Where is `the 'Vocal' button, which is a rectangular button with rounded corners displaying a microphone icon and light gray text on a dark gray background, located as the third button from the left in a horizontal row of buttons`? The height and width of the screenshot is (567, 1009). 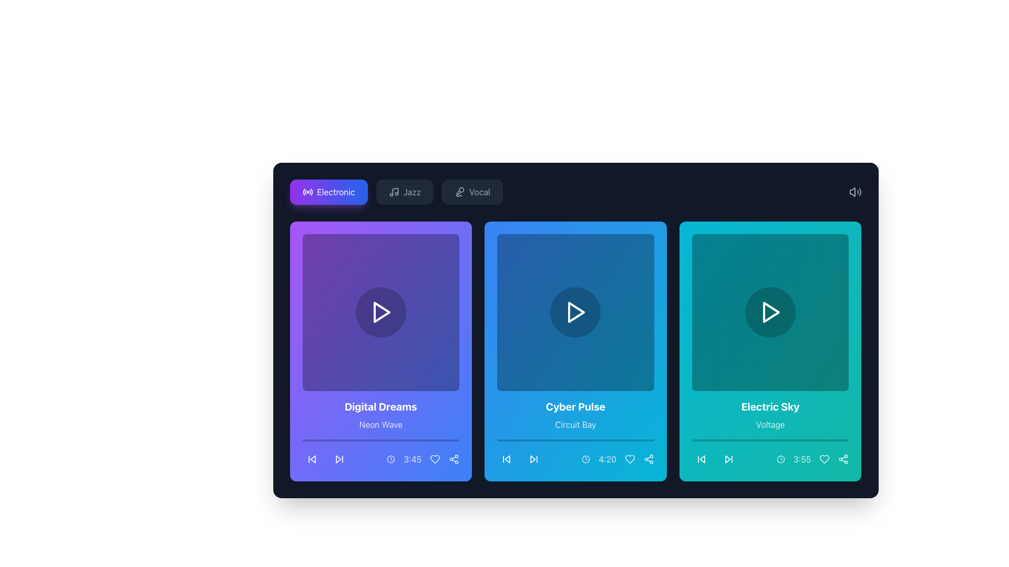 the 'Vocal' button, which is a rectangular button with rounded corners displaying a microphone icon and light gray text on a dark gray background, located as the third button from the left in a horizontal row of buttons is located at coordinates (471, 192).